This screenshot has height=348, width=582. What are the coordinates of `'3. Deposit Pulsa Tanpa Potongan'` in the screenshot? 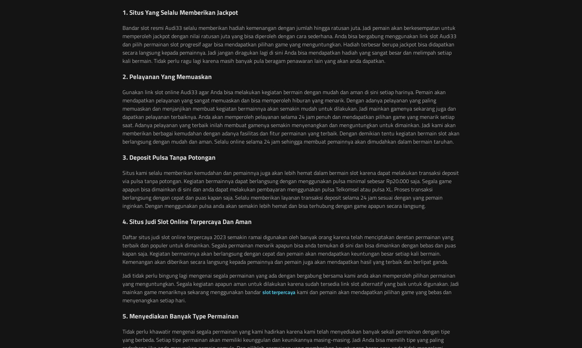 It's located at (169, 157).